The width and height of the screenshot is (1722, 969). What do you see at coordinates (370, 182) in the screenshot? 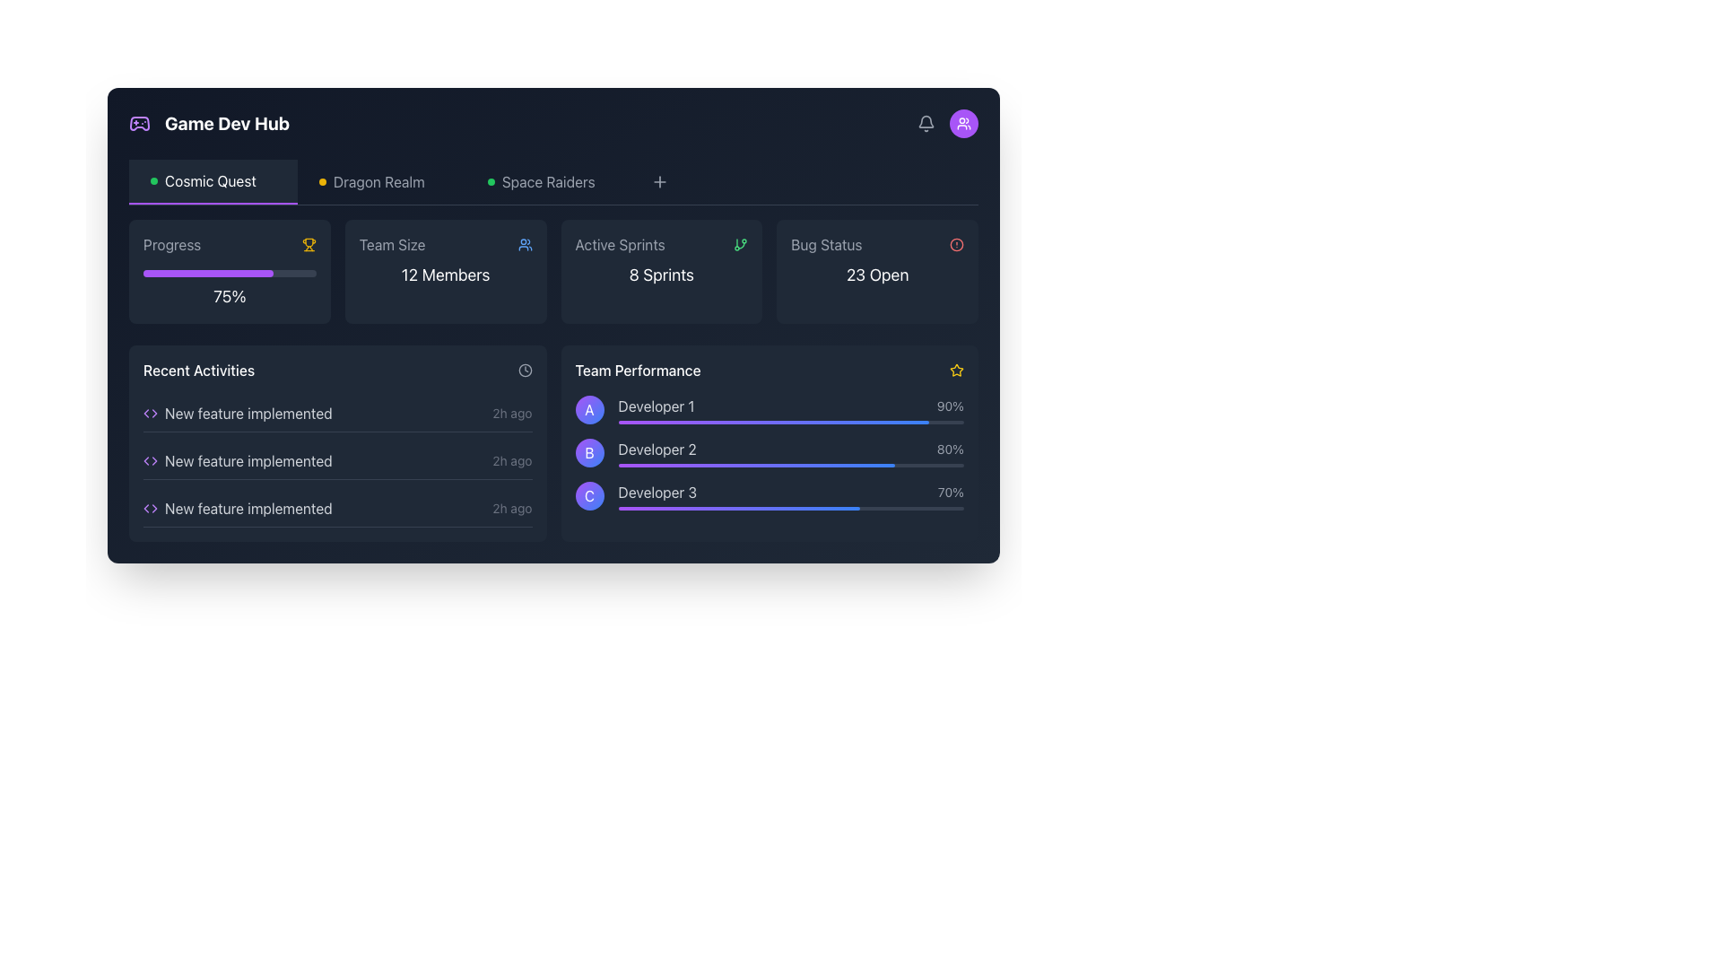
I see `the second text label in the top header section, which serves as a navigational label for 'Dragon Realm', positioned between 'Cosmic Quest' and 'Space Raiders'` at bounding box center [370, 182].